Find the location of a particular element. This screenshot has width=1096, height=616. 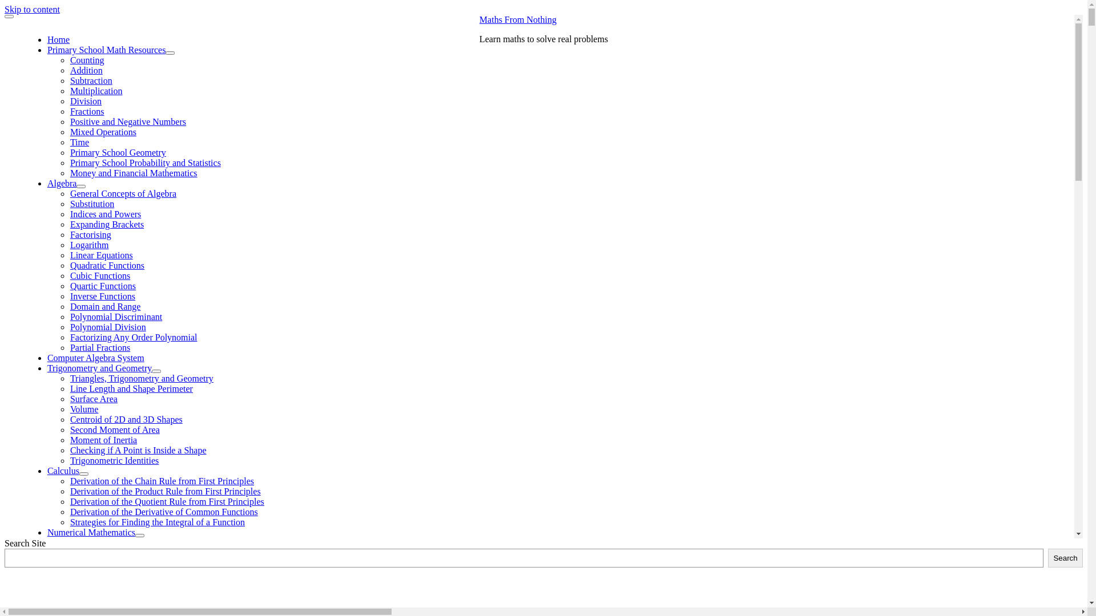

'Derivation of the Quotient Rule from First Principles' is located at coordinates (166, 501).